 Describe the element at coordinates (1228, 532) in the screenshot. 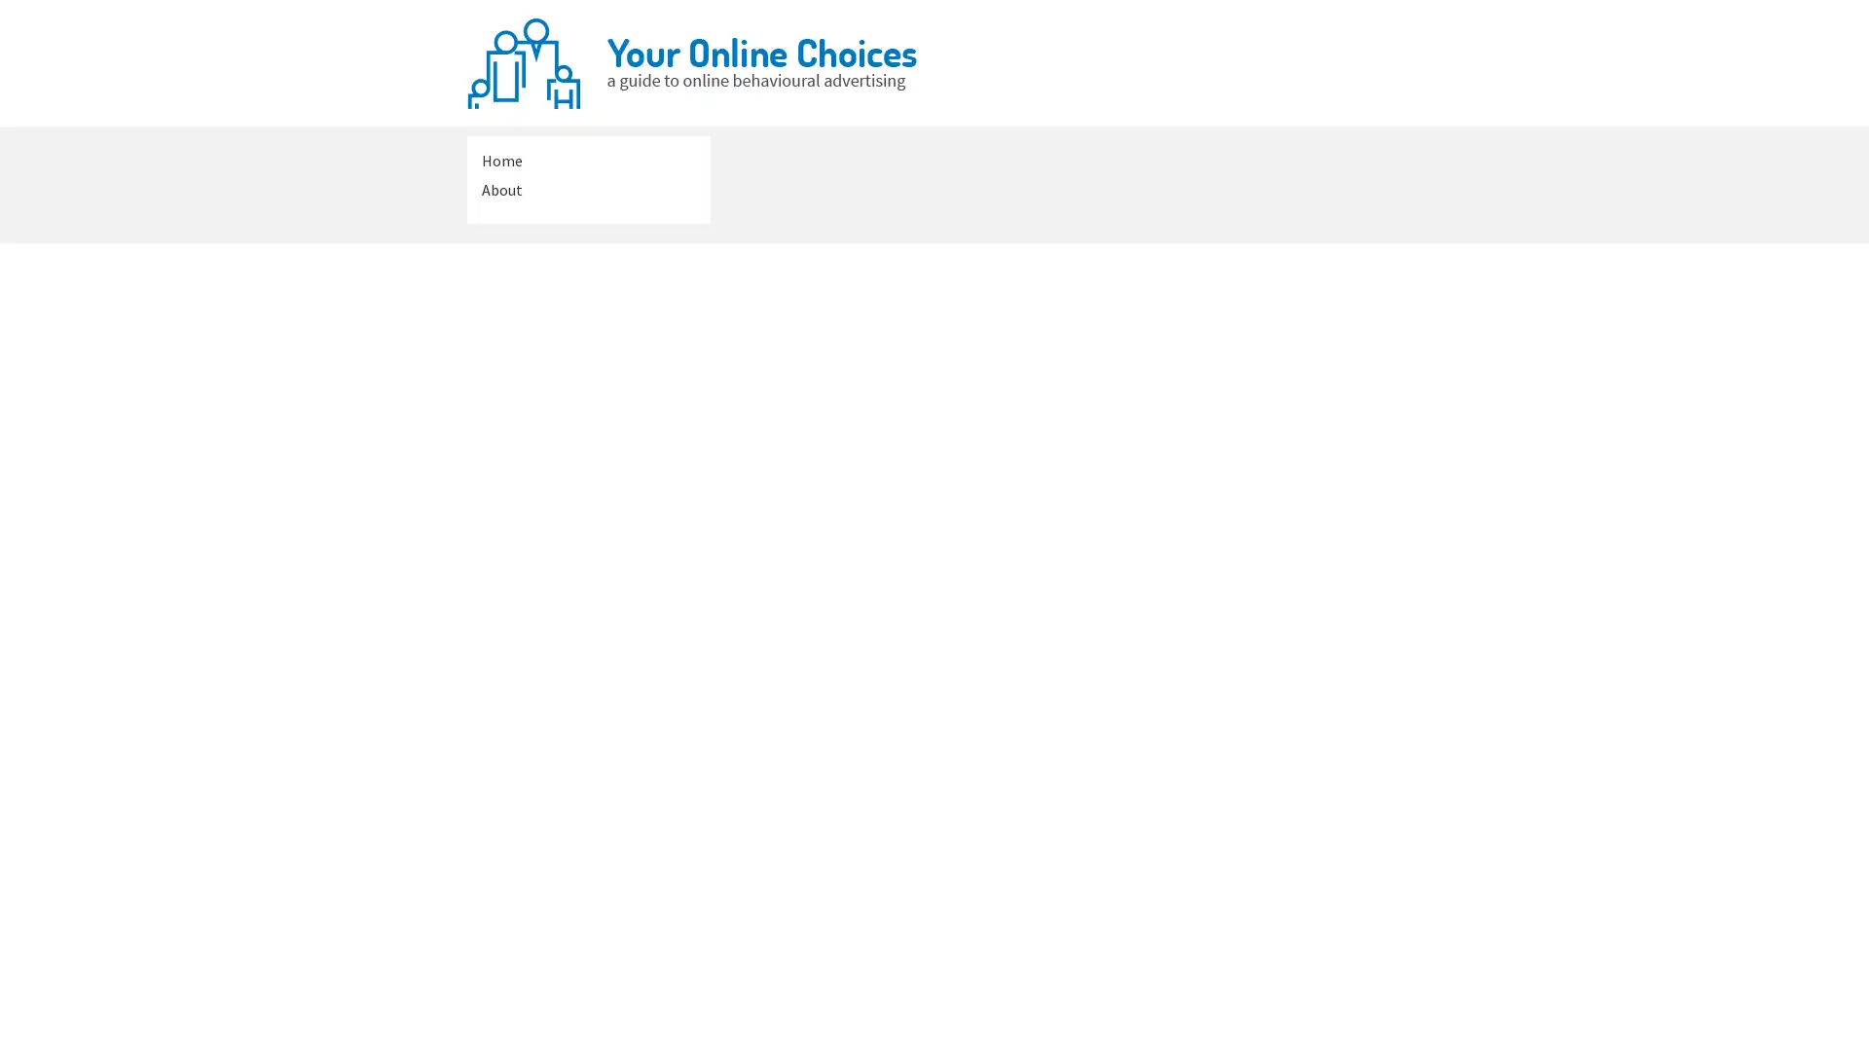

I see `mute` at that location.